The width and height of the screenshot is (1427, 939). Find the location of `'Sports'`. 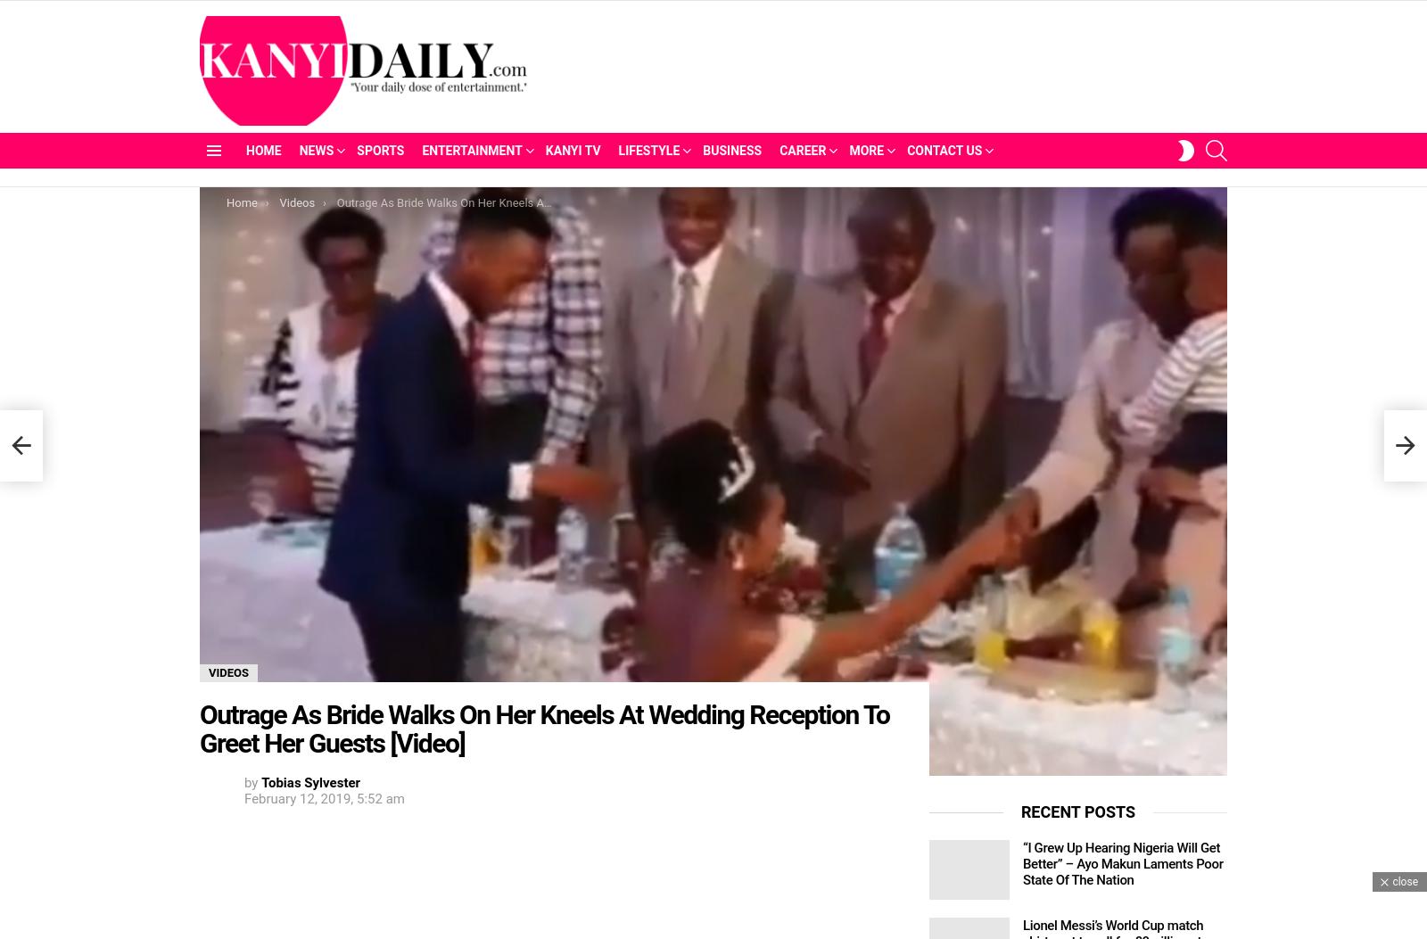

'Sports' is located at coordinates (379, 150).